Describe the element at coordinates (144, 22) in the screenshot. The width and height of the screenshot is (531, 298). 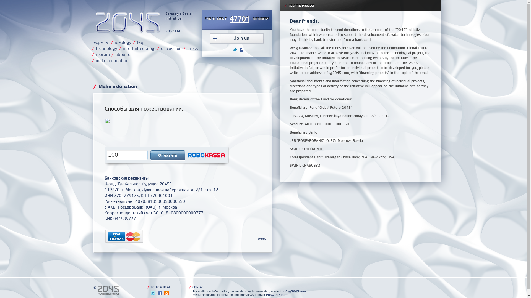
I see `'Strategic Social Initiative'` at that location.